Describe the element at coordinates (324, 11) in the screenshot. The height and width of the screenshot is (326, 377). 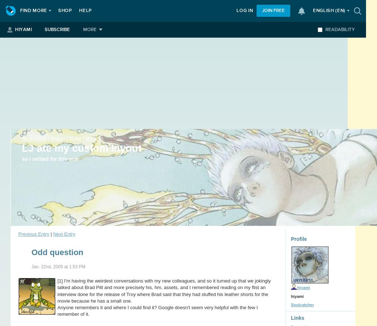
I see `'English'` at that location.